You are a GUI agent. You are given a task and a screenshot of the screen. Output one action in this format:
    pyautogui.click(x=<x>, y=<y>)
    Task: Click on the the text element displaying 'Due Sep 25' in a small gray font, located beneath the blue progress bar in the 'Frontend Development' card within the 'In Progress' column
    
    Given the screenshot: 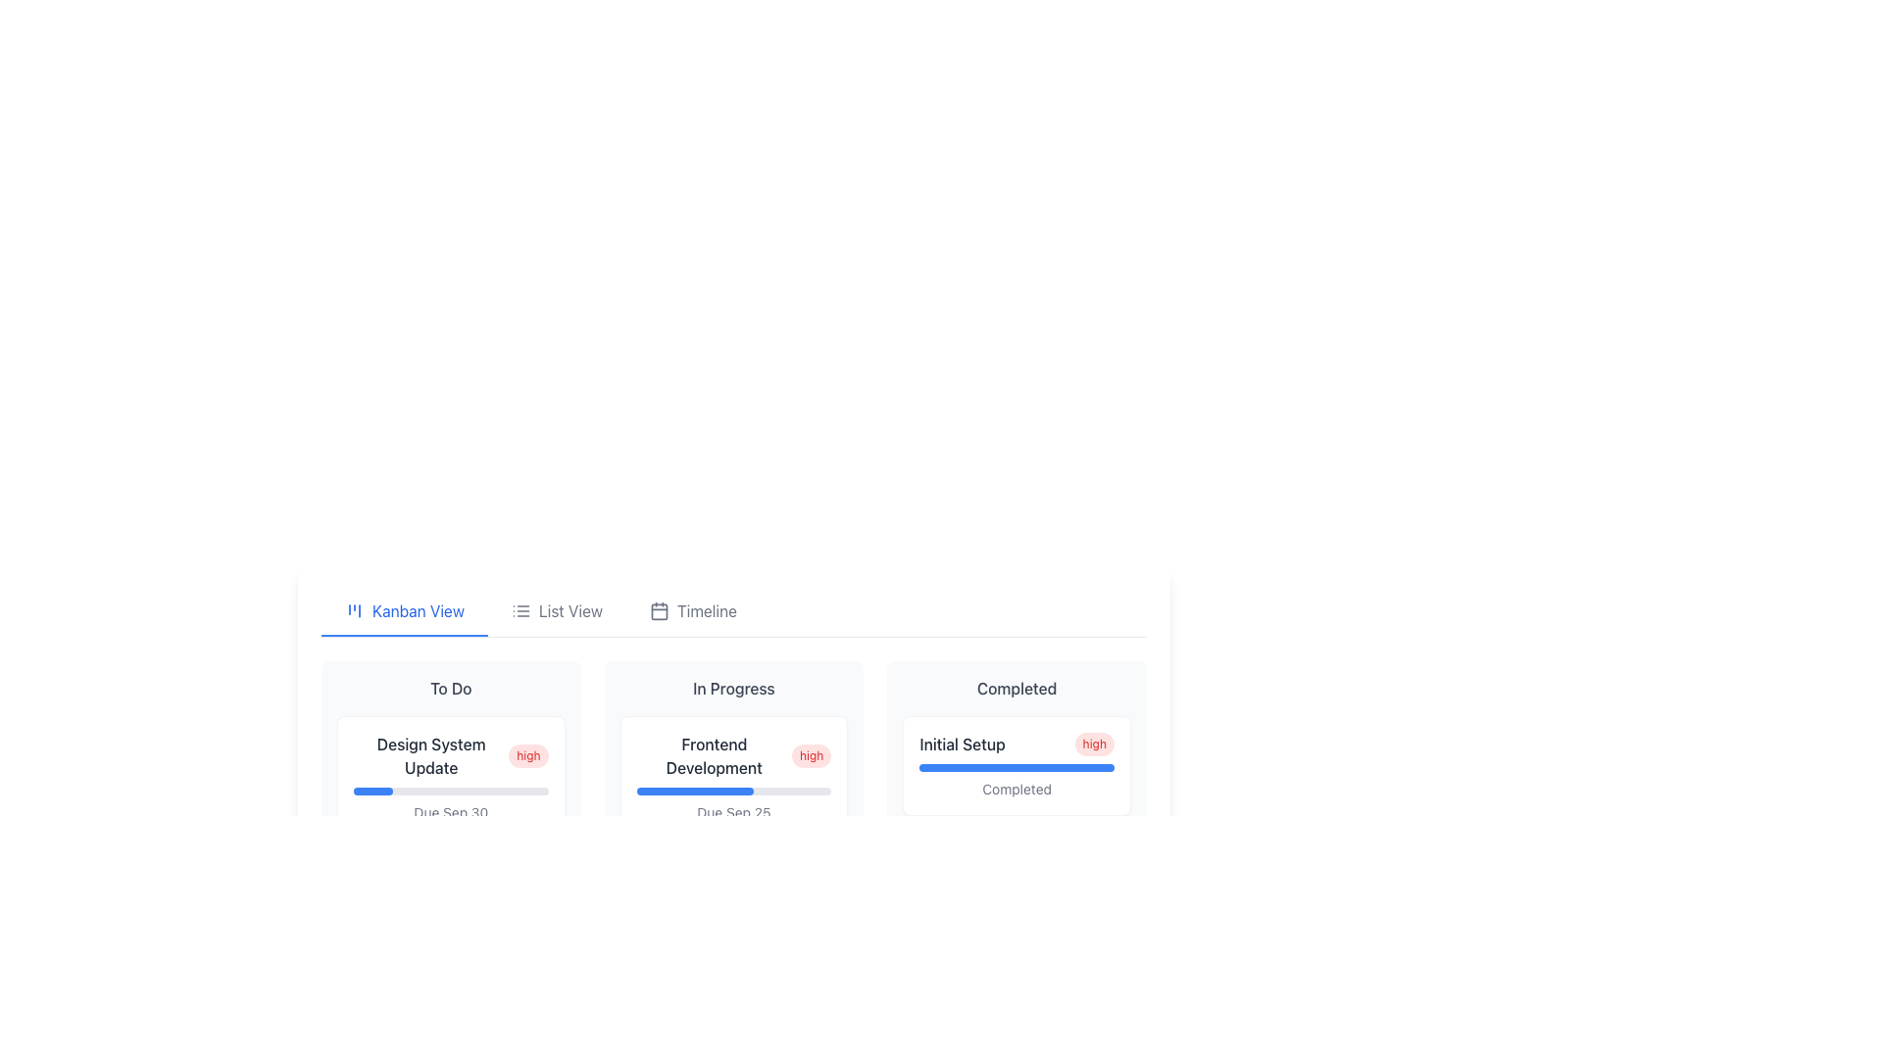 What is the action you would take?
    pyautogui.click(x=732, y=812)
    